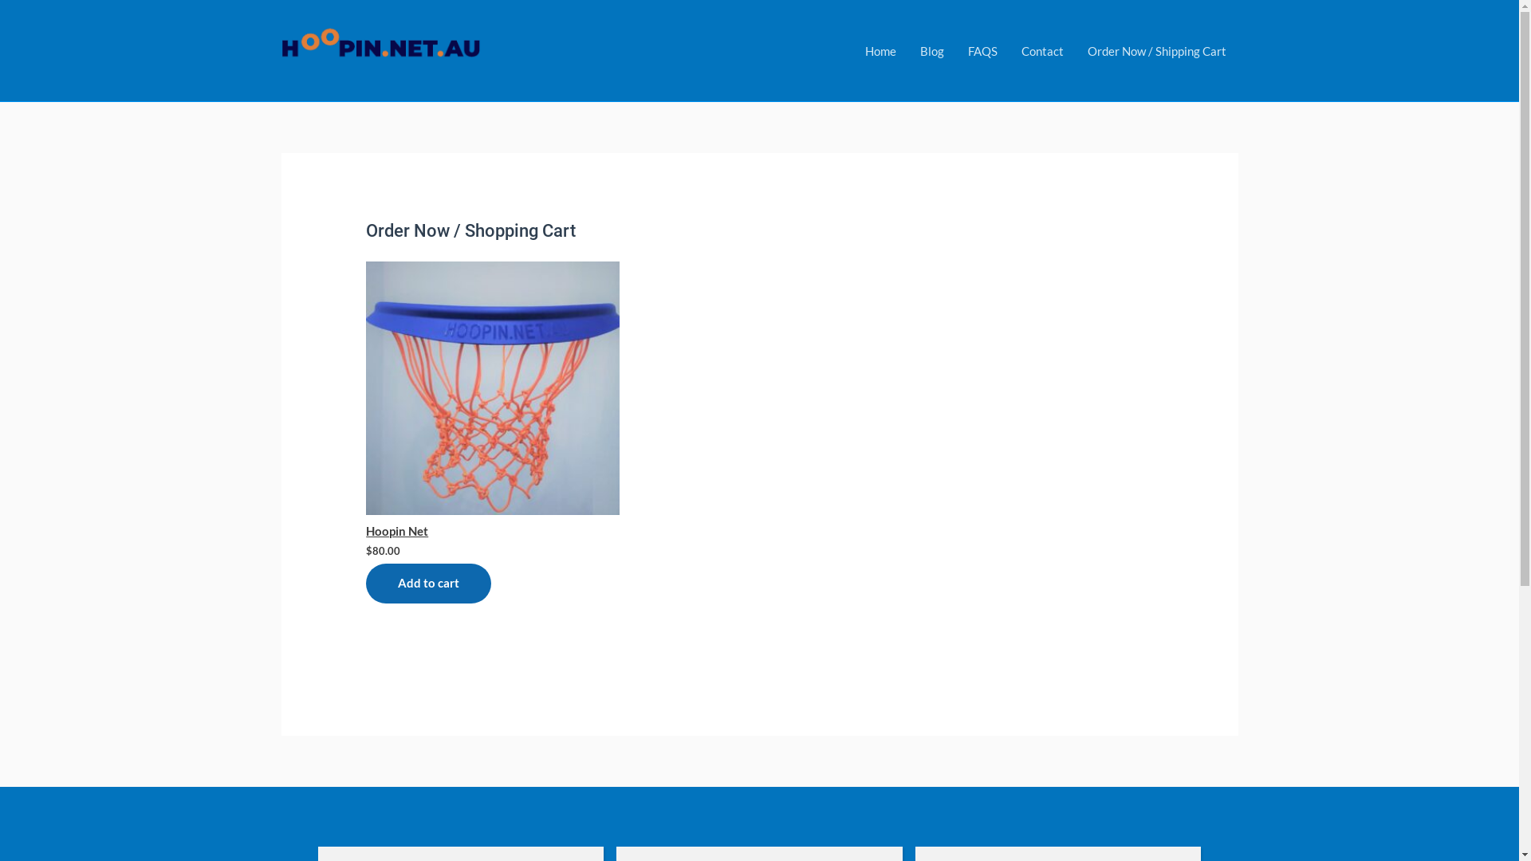 The width and height of the screenshot is (1531, 861). Describe the element at coordinates (880, 49) in the screenshot. I see `'Home'` at that location.